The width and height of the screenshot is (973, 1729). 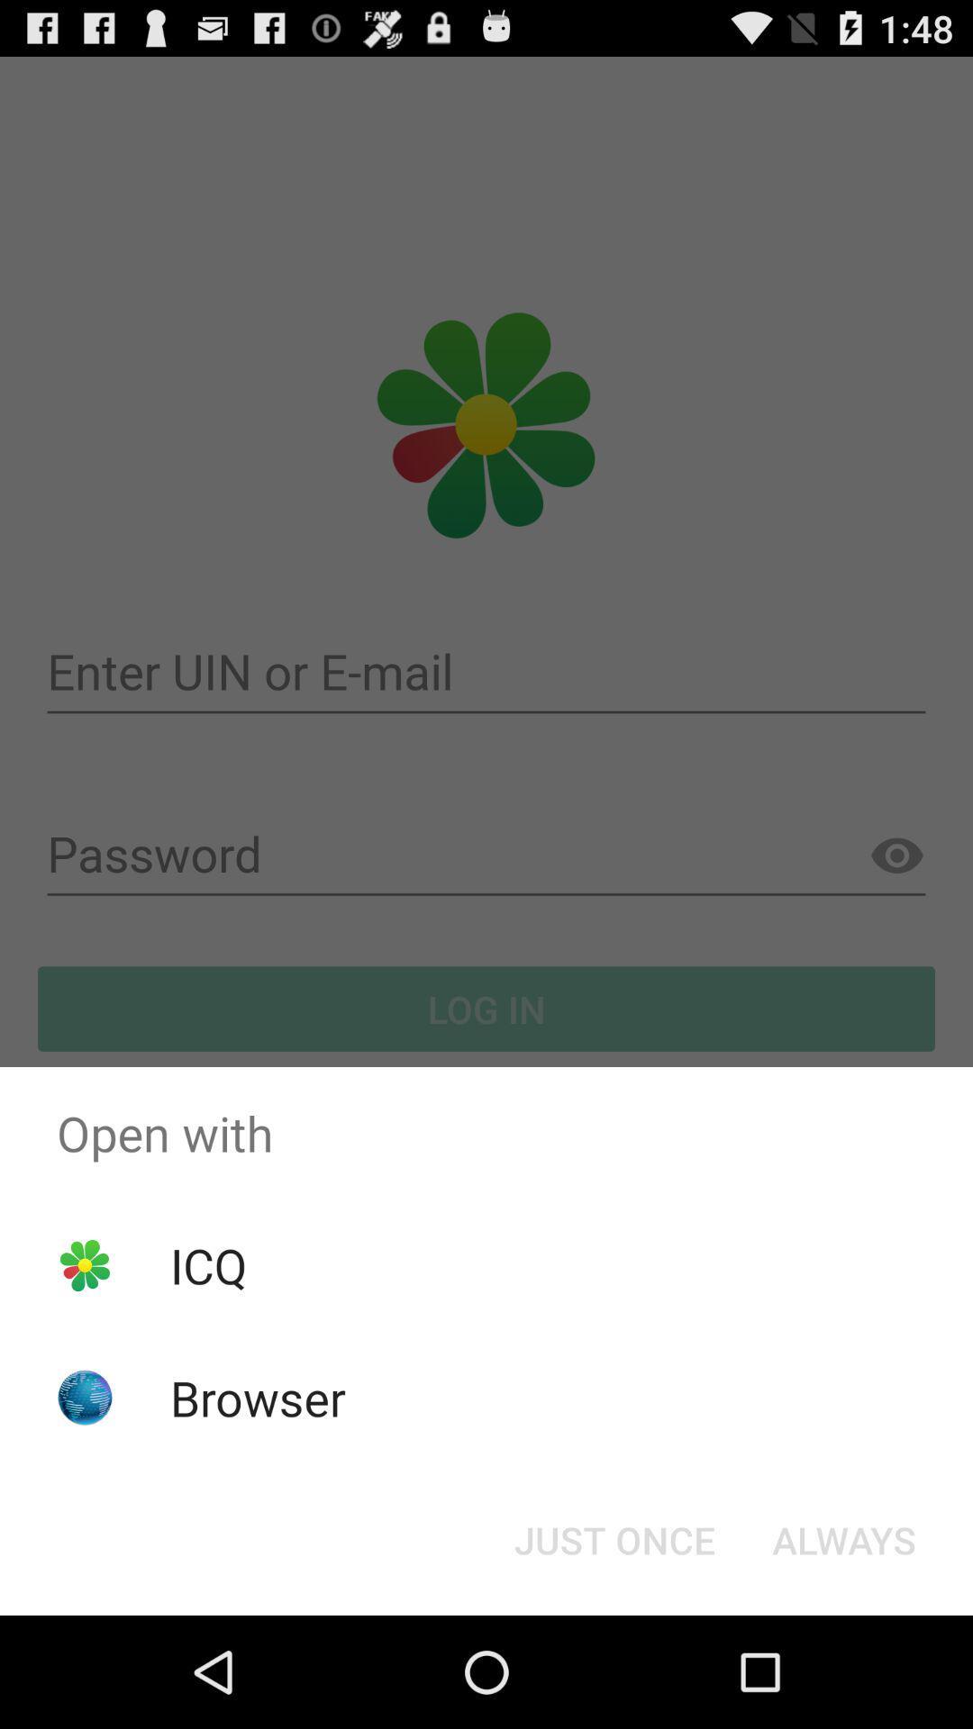 What do you see at coordinates (844, 1538) in the screenshot?
I see `icon next to just once icon` at bounding box center [844, 1538].